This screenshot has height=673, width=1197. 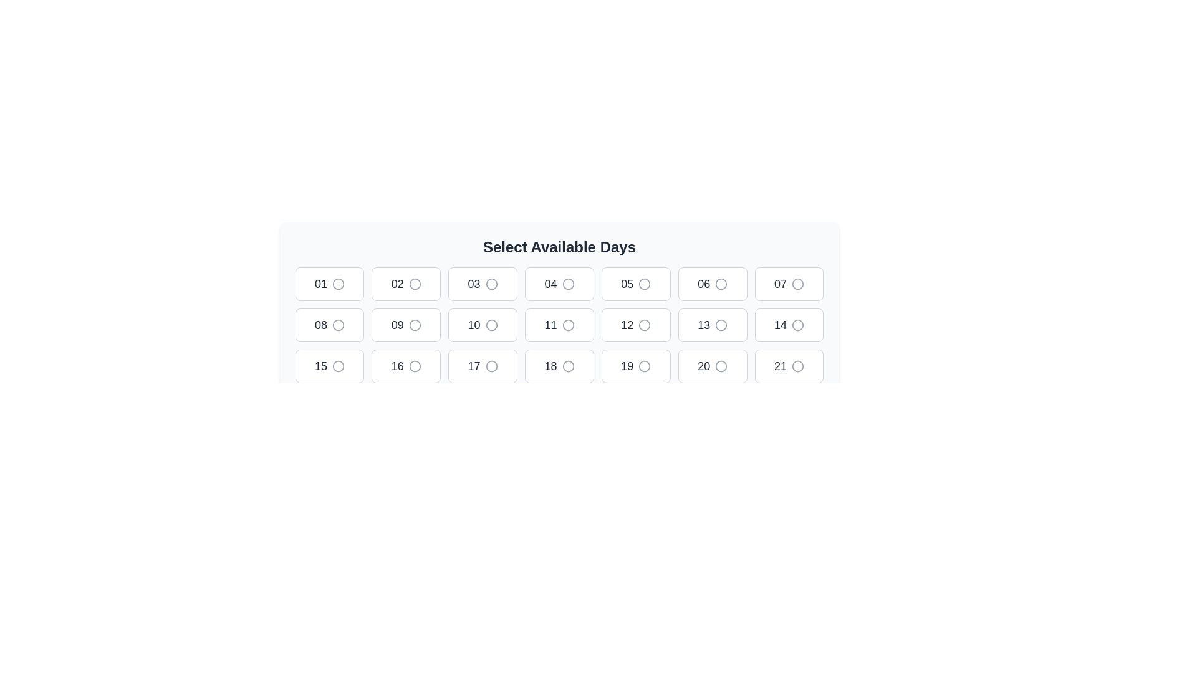 I want to click on the radio button located in the second row and first column of the grid beneath the header 'Select Available Days', so click(x=338, y=324).